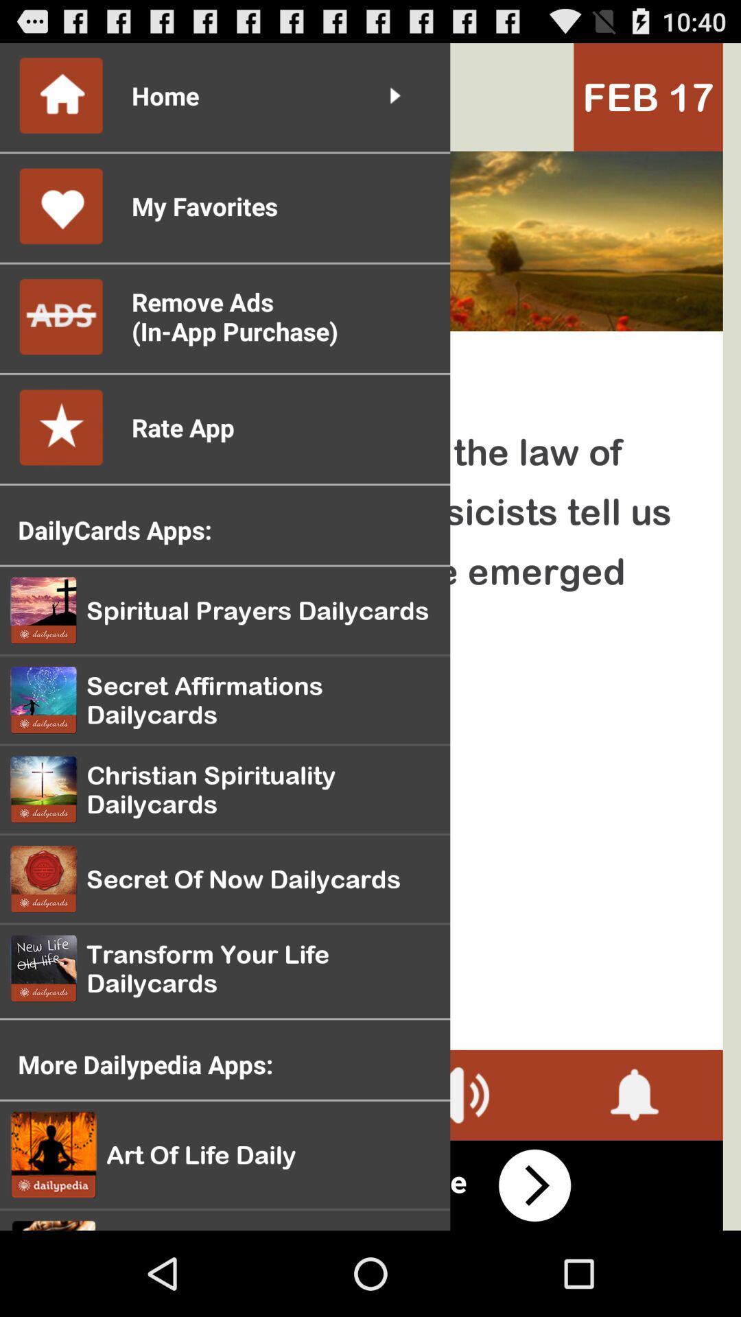 This screenshot has width=741, height=1317. What do you see at coordinates (105, 1171) in the screenshot?
I see `the close icon` at bounding box center [105, 1171].